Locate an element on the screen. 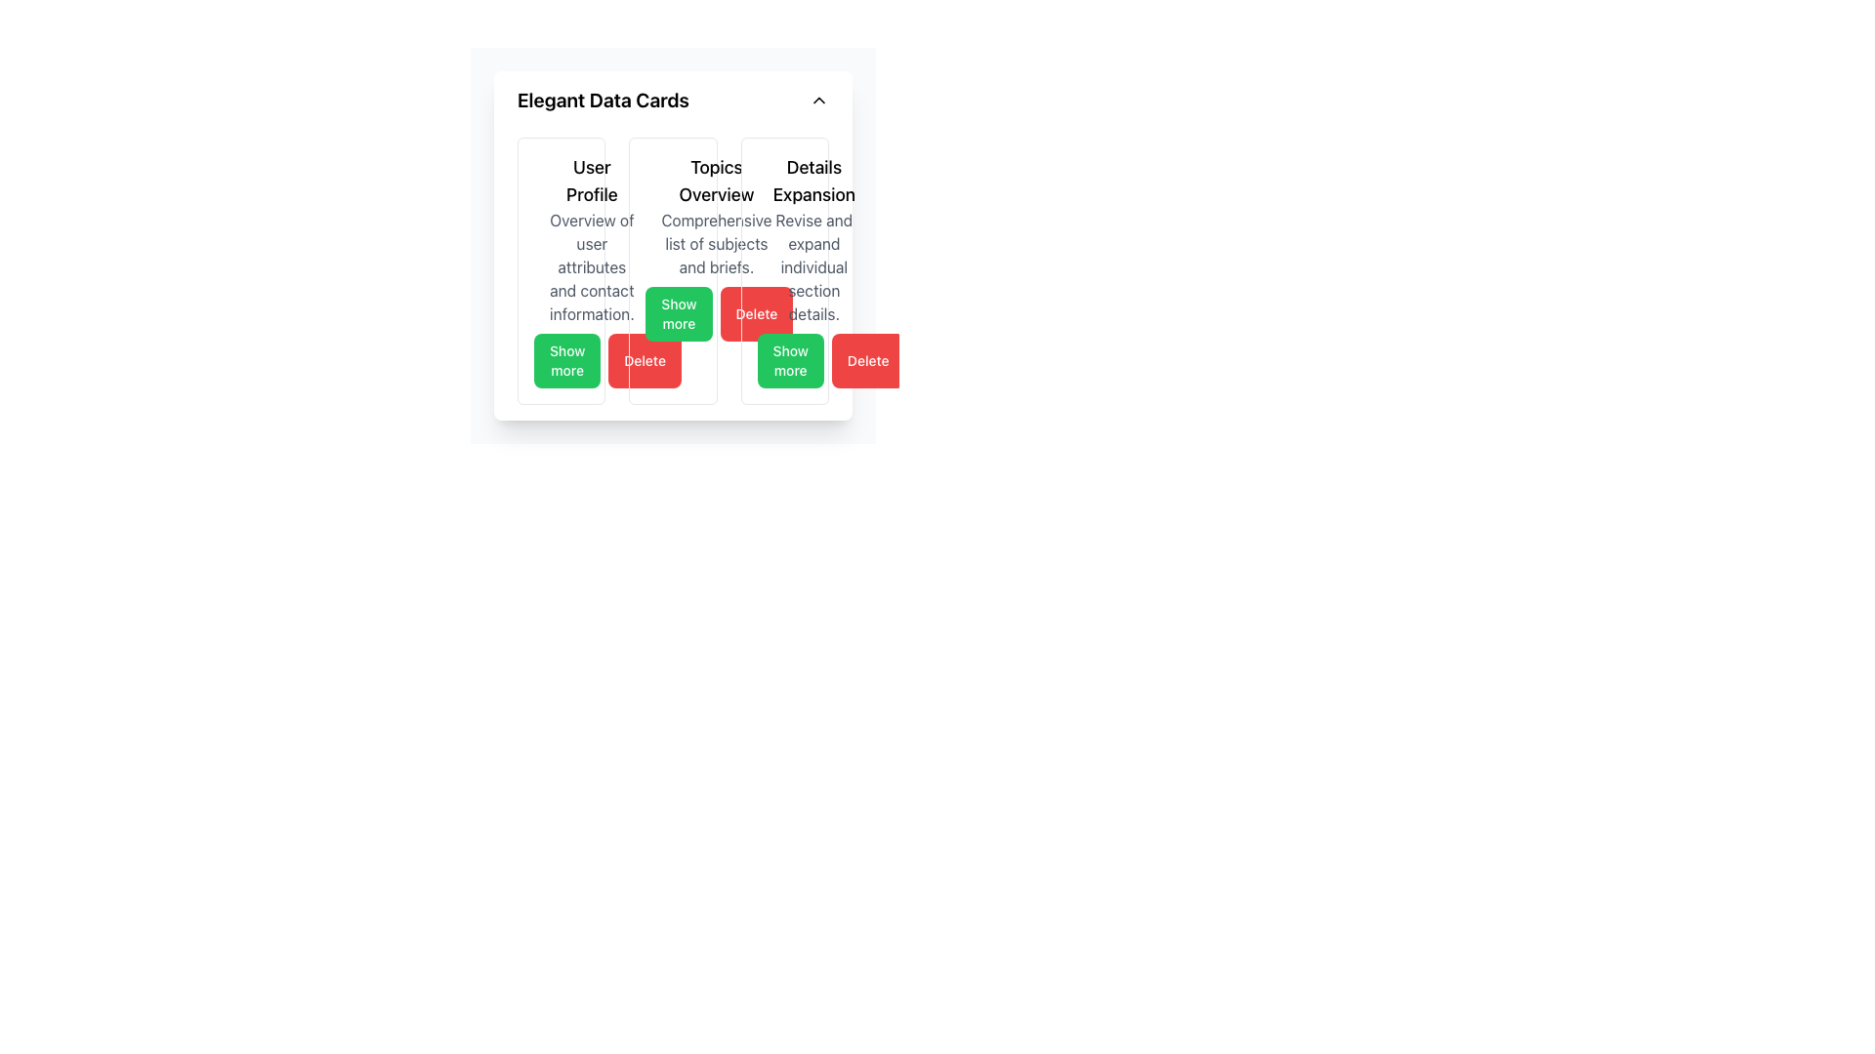 The height and width of the screenshot is (1054, 1875). the text block styled in gray color that contains 'Overview of user attributes and contact information', positioned beneath the 'User Profile' heading is located at coordinates (591, 266).